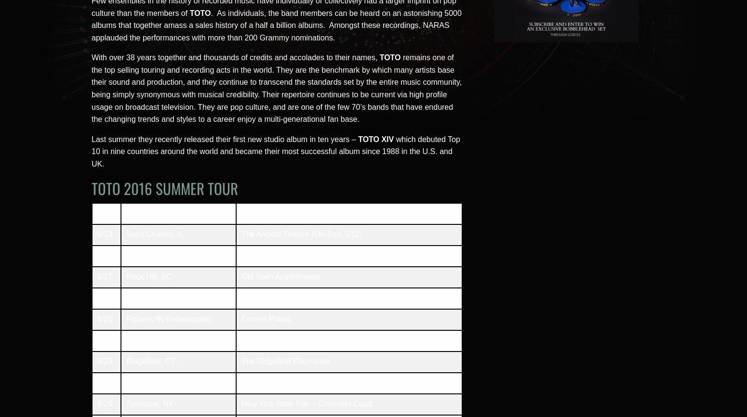  Describe the element at coordinates (96, 361) in the screenshot. I see `'8/23'` at that location.